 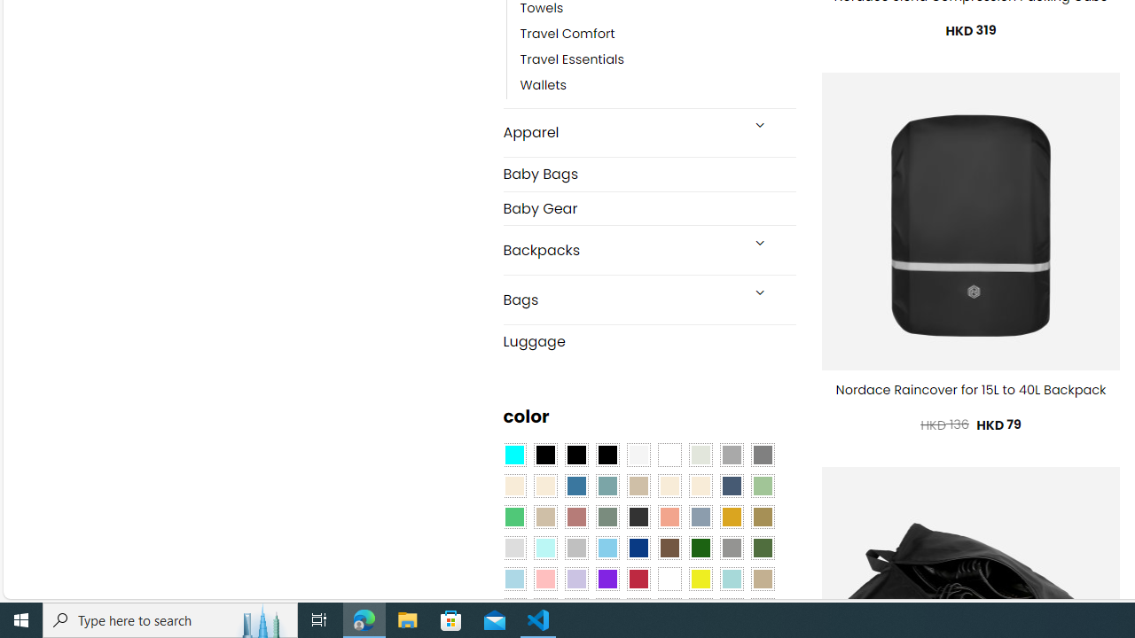 I want to click on 'Blue', so click(x=576, y=486).